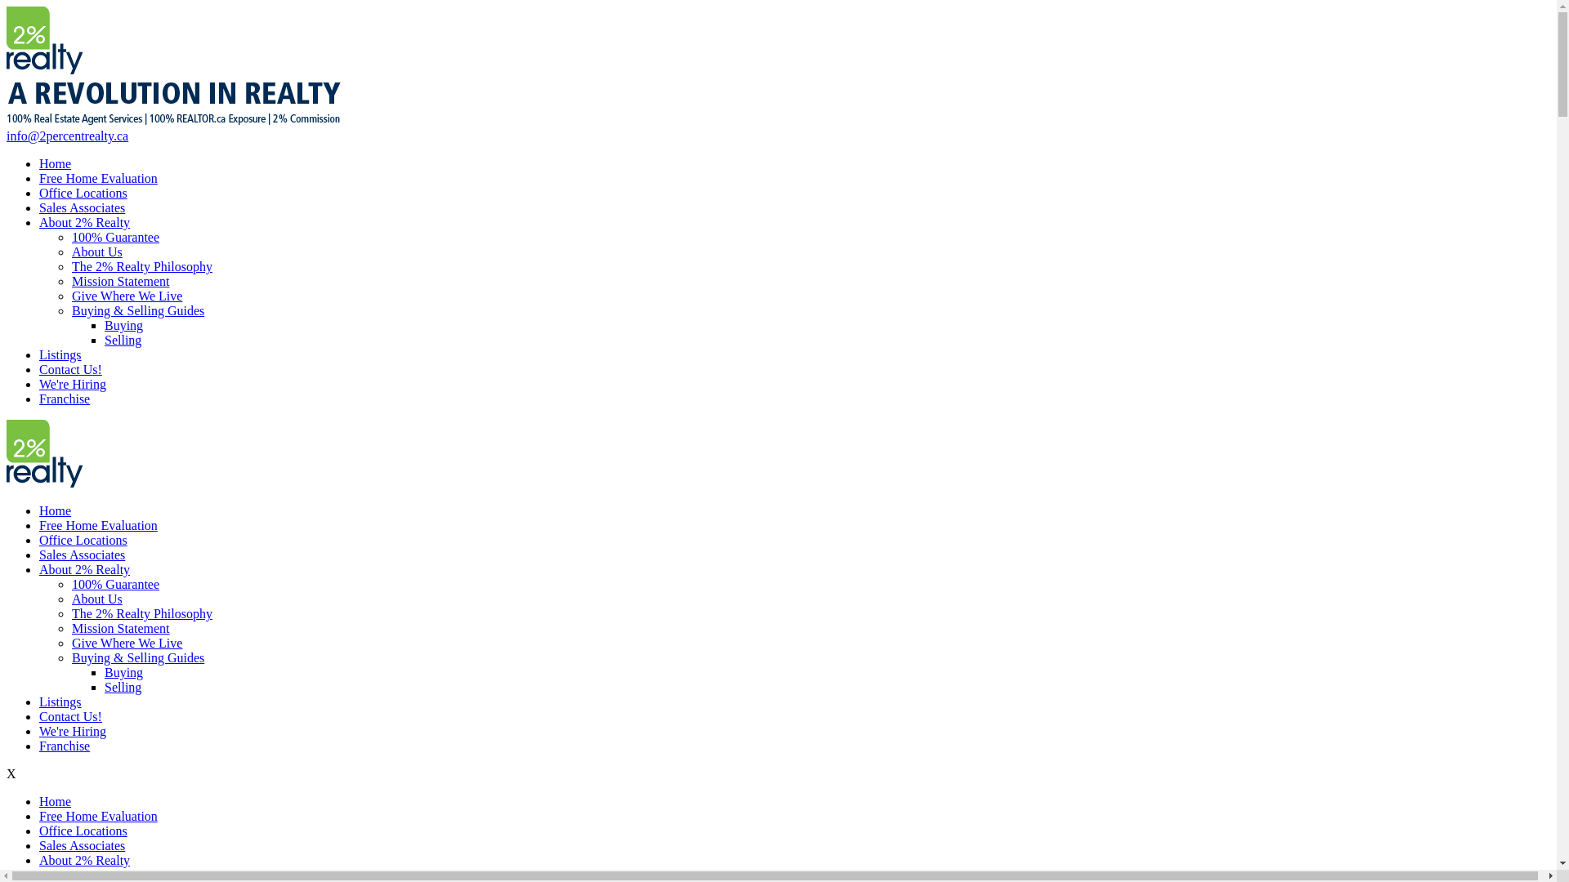  What do you see at coordinates (141, 265) in the screenshot?
I see `'The 2% Realty Philosophy'` at bounding box center [141, 265].